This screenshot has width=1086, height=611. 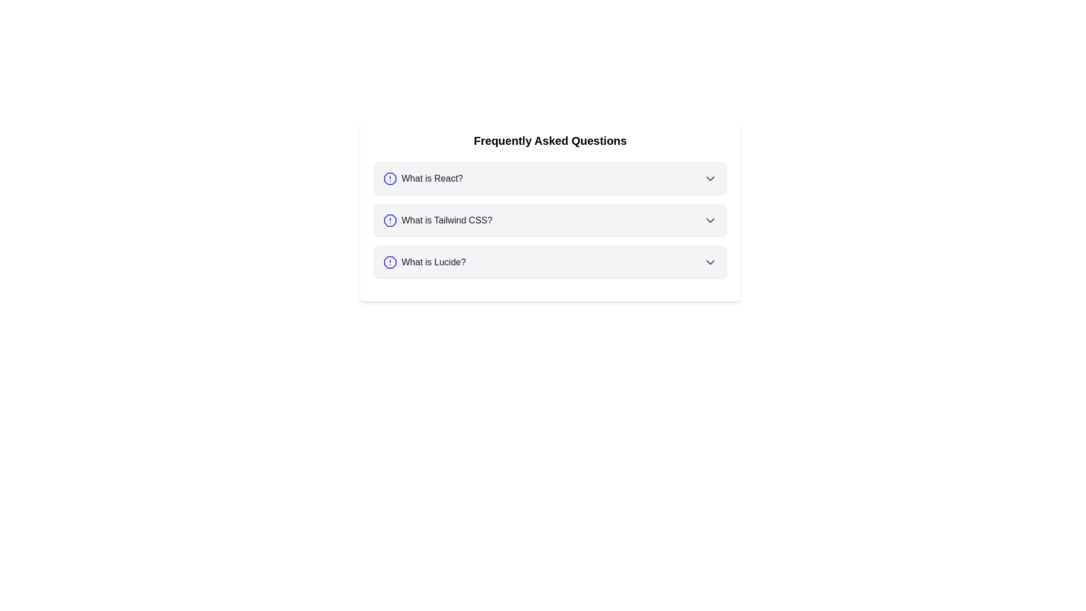 What do you see at coordinates (437, 220) in the screenshot?
I see `the FAQ item text label that is positioned below 'What is React?' and above 'What is Lucide?' in the vertically stacked list of FAQ items` at bounding box center [437, 220].